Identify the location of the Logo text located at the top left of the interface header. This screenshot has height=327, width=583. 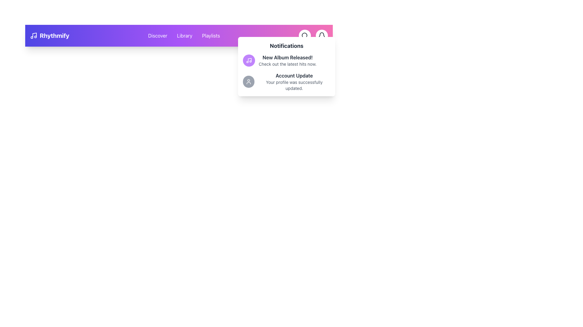
(49, 36).